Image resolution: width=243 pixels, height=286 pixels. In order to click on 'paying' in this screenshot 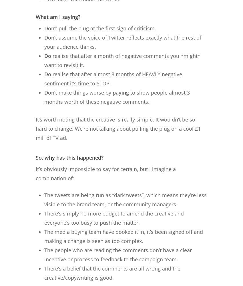, I will do `click(121, 92)`.